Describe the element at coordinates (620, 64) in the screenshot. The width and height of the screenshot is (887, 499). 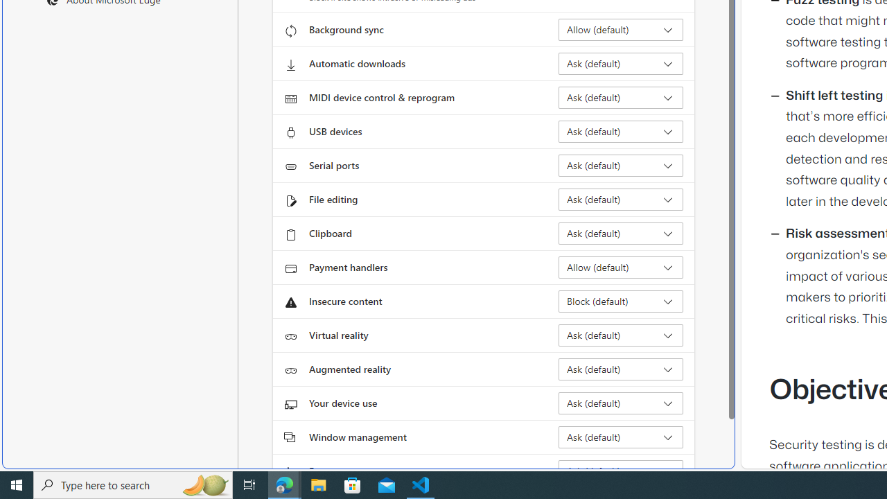
I see `'Automatic downloads Ask (default)'` at that location.